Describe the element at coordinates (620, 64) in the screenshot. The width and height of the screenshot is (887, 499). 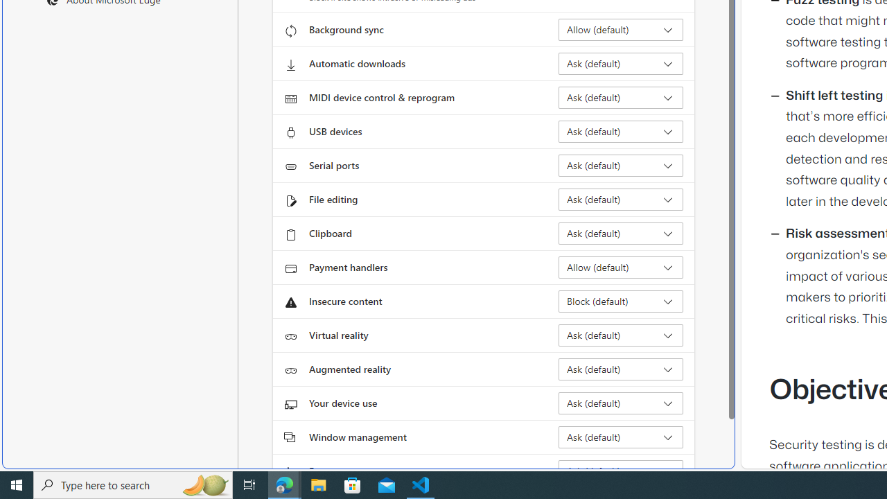
I see `'Automatic downloads Ask (default)'` at that location.